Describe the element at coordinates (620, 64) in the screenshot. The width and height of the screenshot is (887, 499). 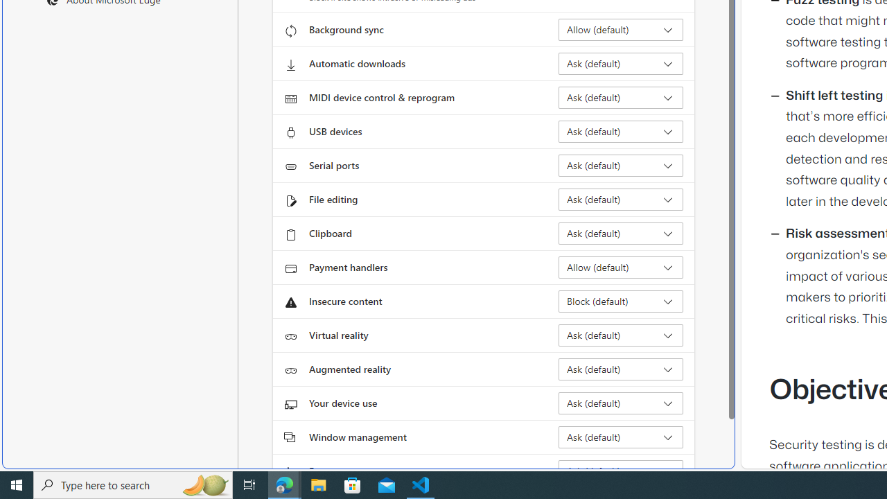
I see `'Automatic downloads Ask (default)'` at that location.